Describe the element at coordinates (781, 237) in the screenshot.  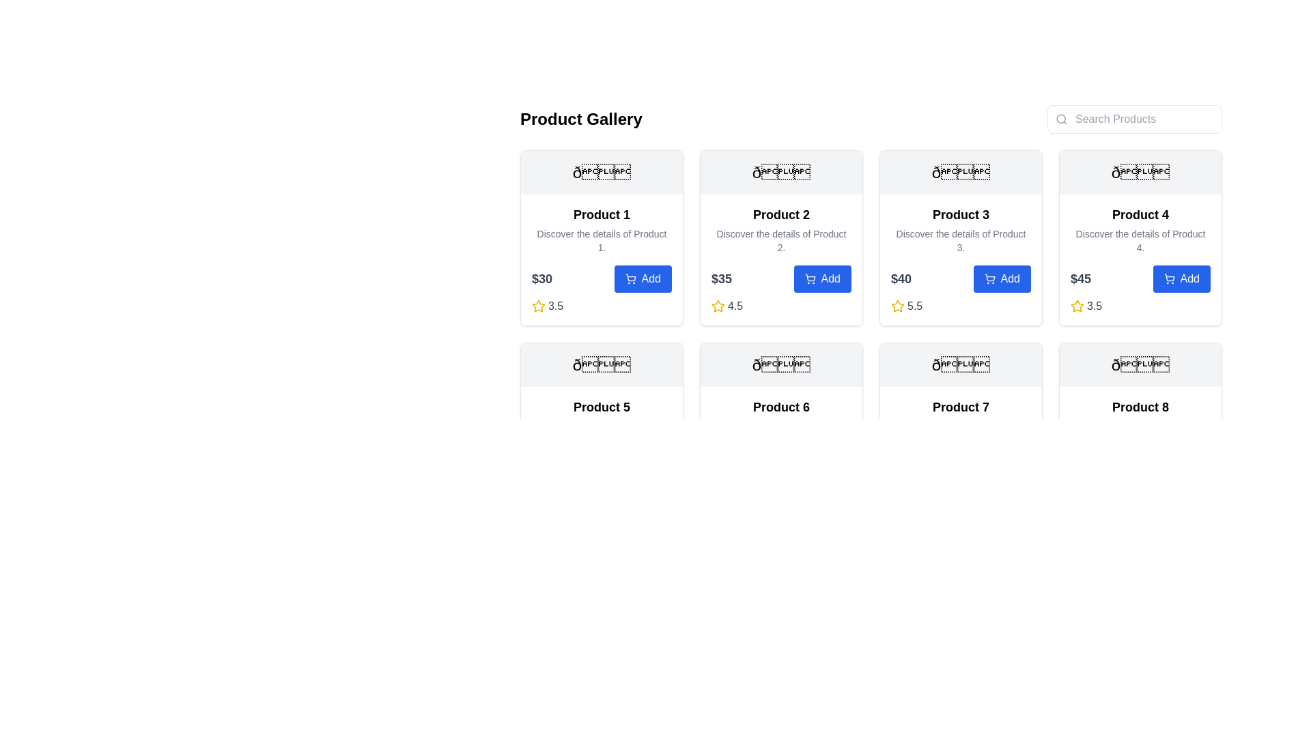
I see `text for the product details from the card styled with a light border and rounded corners, featuring the title 'Product 2', positioned in the first row and second column of the product gallery` at that location.